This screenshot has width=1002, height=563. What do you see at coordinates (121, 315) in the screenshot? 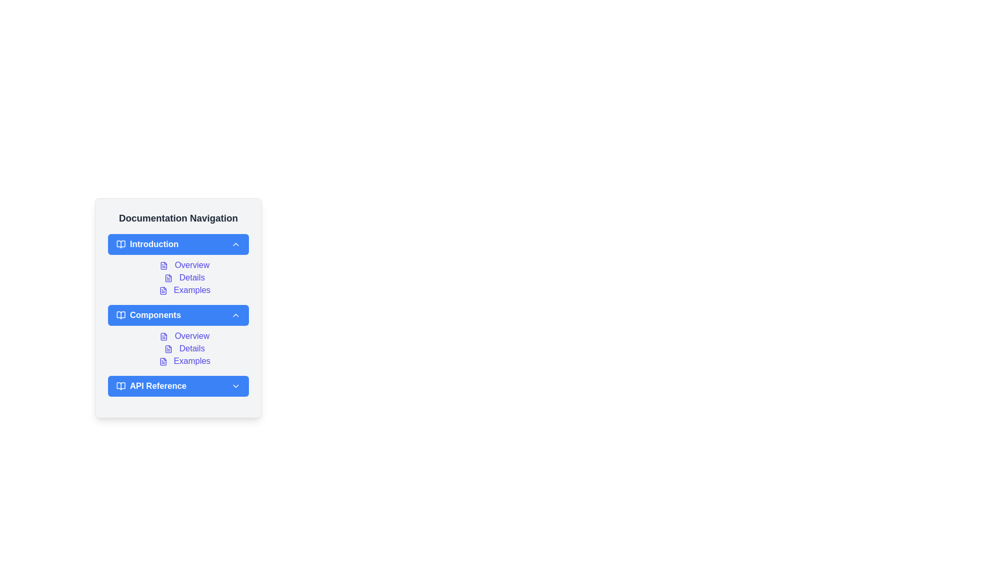
I see `the decorative or functional icon that represents the 'Components' section of the sidebar, located to the left of the 'Components' label in the 'Documentation Navigation' section` at bounding box center [121, 315].